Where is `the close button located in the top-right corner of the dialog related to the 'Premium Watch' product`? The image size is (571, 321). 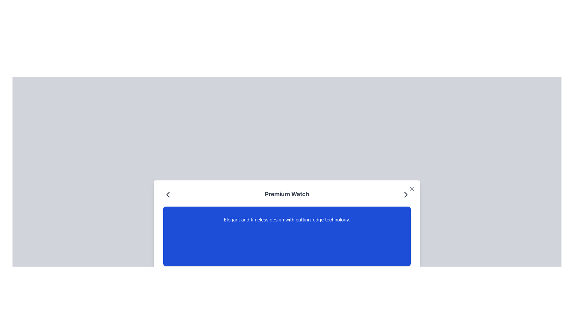
the close button located in the top-right corner of the dialog related to the 'Premium Watch' product is located at coordinates (412, 189).